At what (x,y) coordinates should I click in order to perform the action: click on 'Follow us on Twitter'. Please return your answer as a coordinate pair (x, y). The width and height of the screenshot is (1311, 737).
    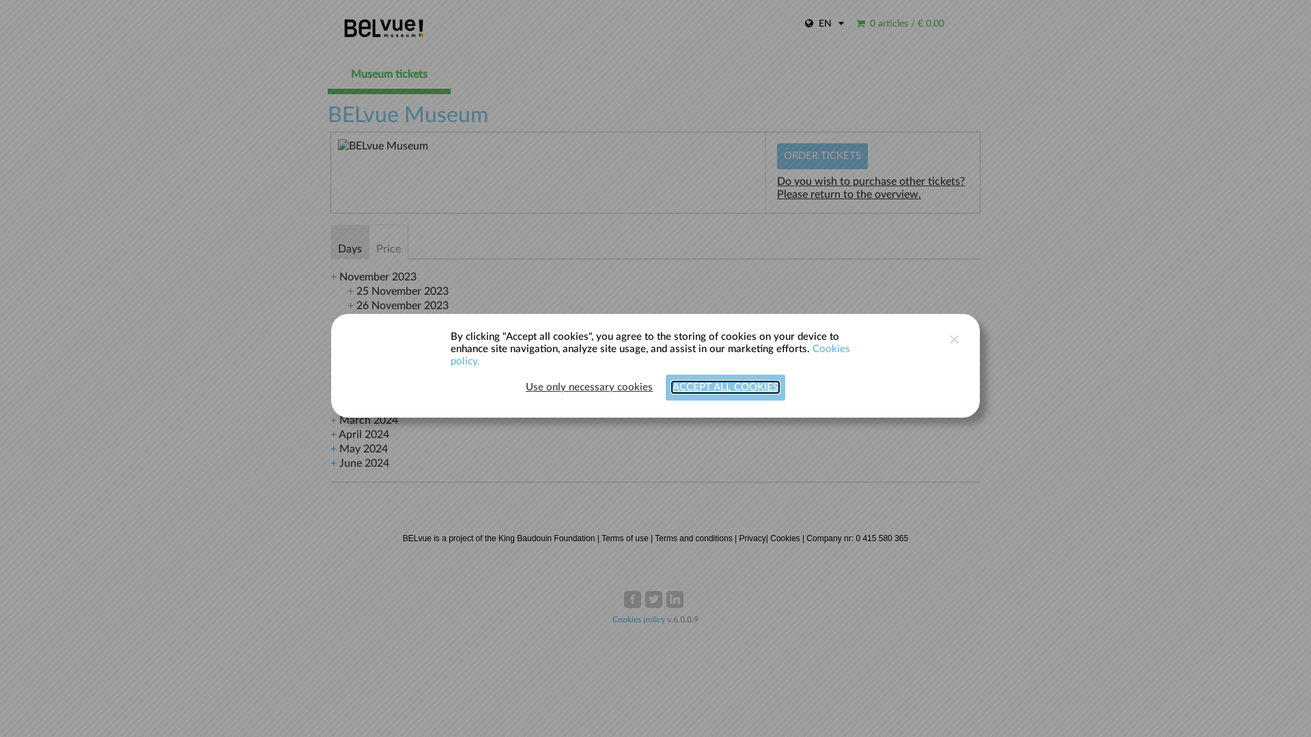
    Looking at the image, I should click on (644, 598).